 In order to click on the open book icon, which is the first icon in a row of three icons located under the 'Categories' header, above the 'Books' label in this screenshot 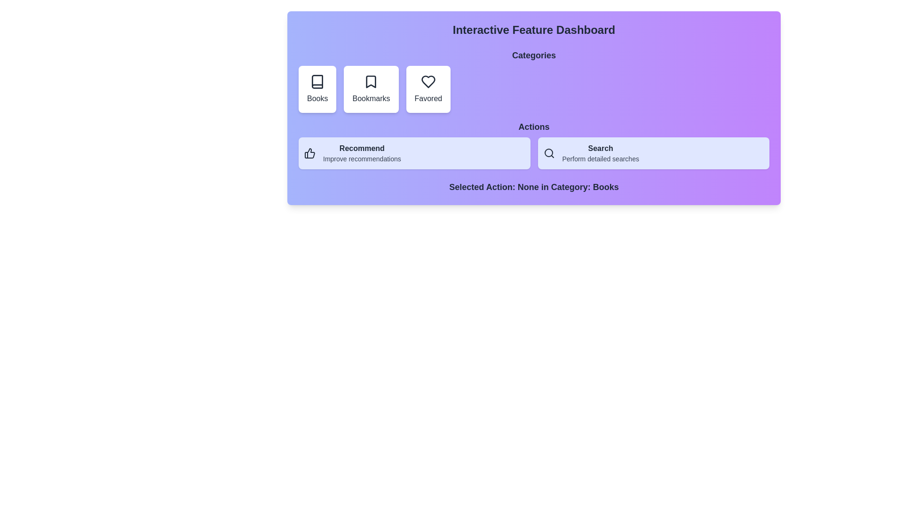, I will do `click(317, 81)`.